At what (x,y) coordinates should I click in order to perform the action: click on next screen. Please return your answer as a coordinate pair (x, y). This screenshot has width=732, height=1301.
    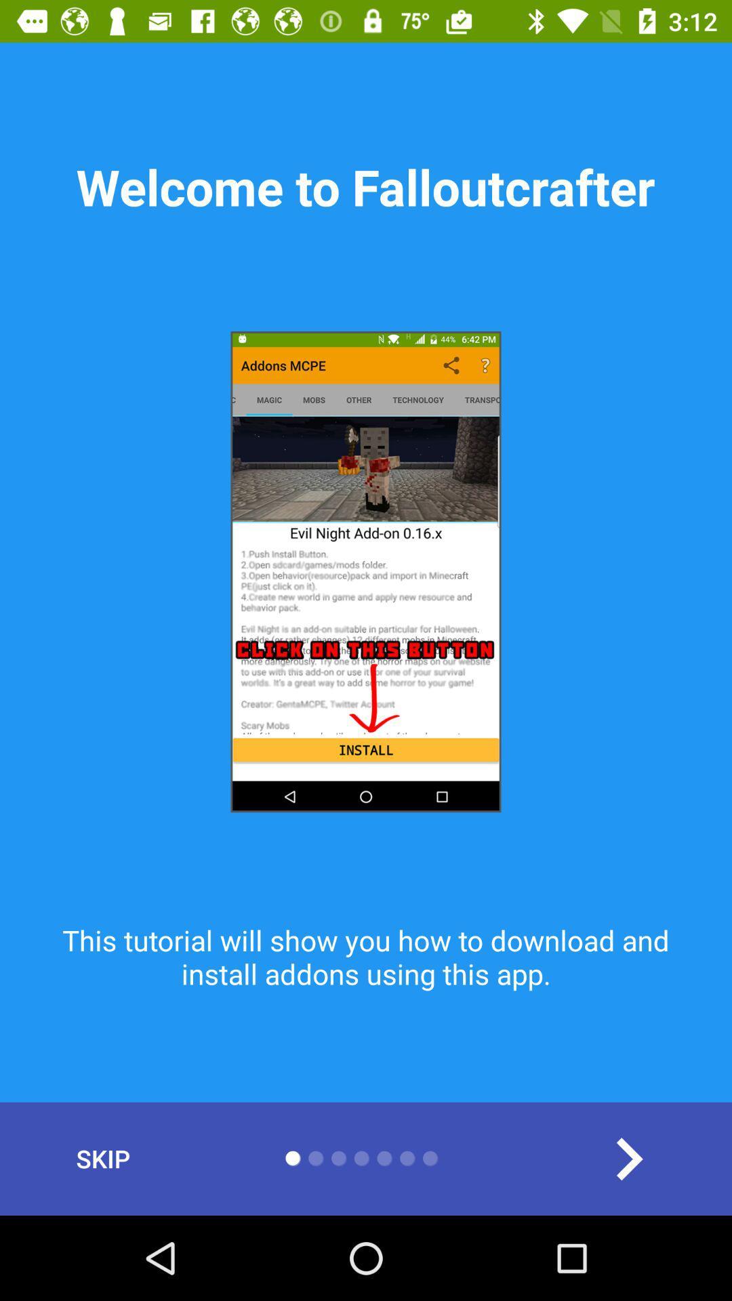
    Looking at the image, I should click on (628, 1158).